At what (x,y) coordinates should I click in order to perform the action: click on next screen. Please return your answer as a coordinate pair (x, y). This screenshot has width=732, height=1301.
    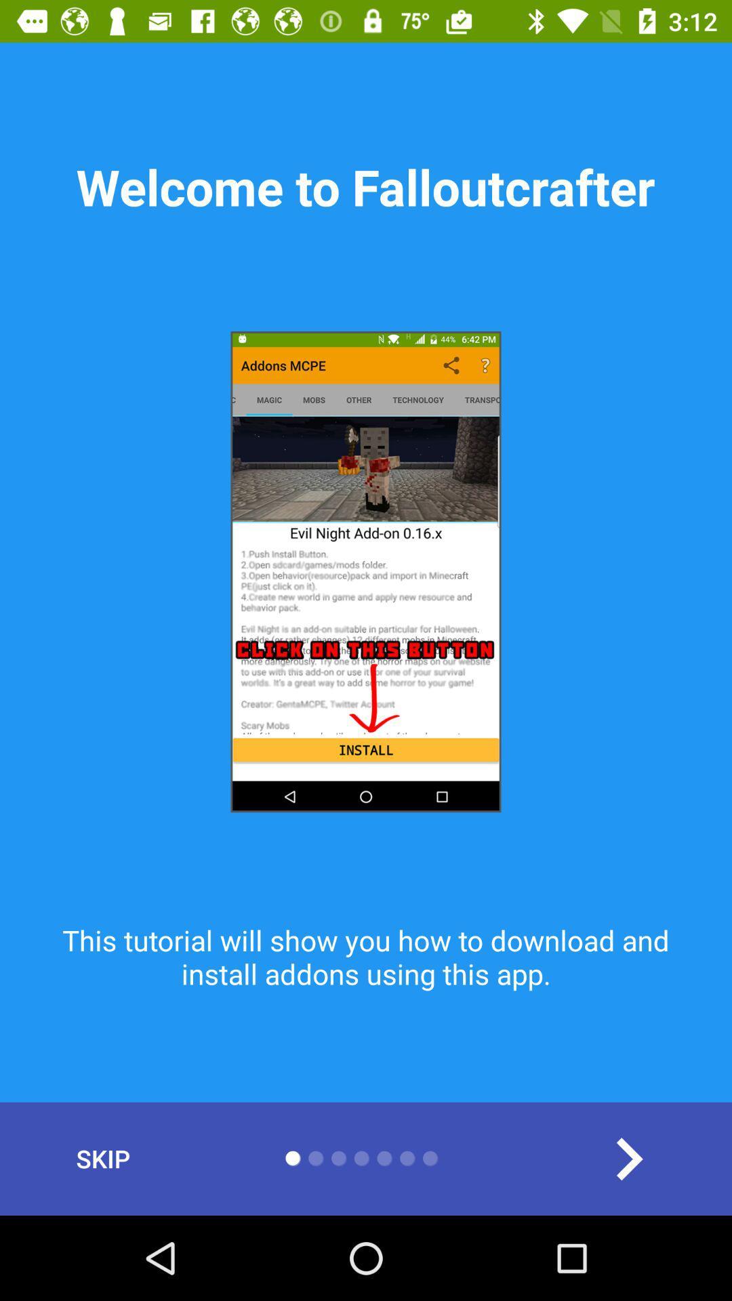
    Looking at the image, I should click on (628, 1158).